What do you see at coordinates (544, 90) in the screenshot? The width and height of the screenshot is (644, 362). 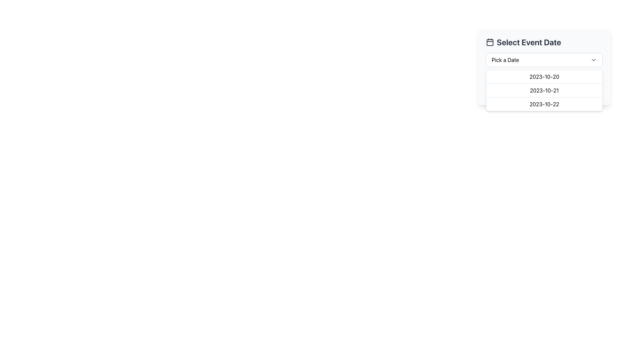 I see `the second entry in the dropdown list displaying the date '2023-10-21'` at bounding box center [544, 90].